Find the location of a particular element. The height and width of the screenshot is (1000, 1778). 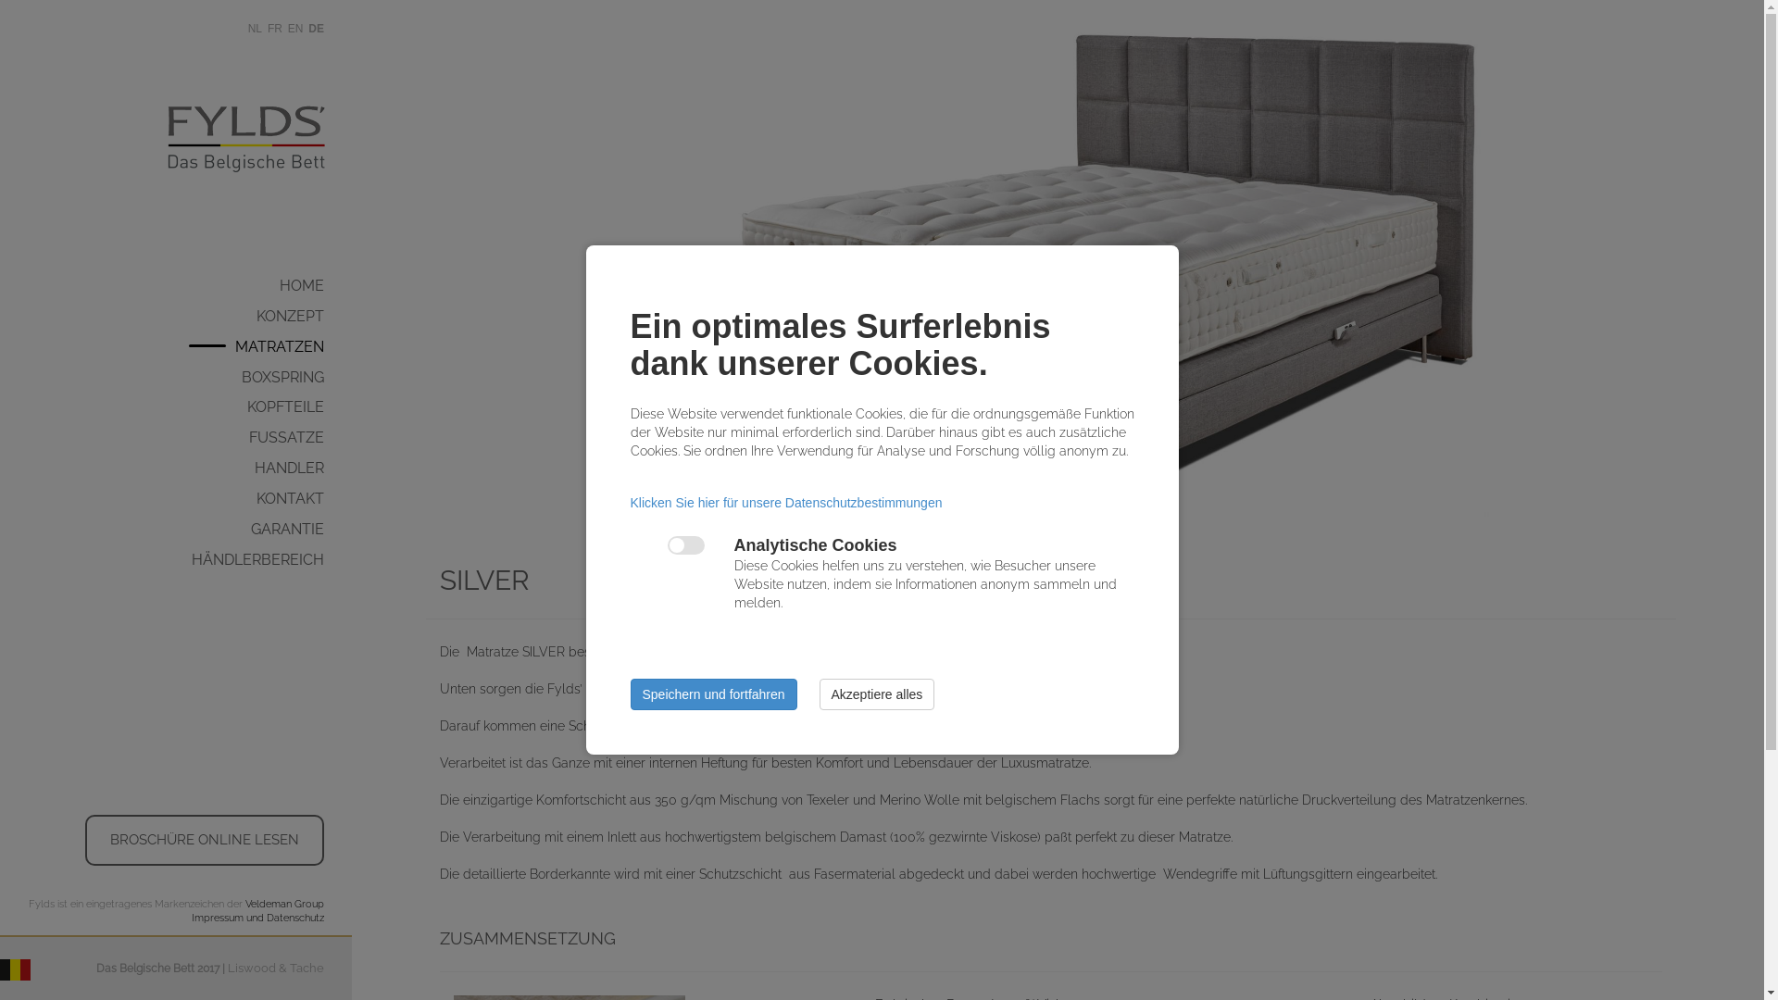

'Veldeman Group' is located at coordinates (244, 903).